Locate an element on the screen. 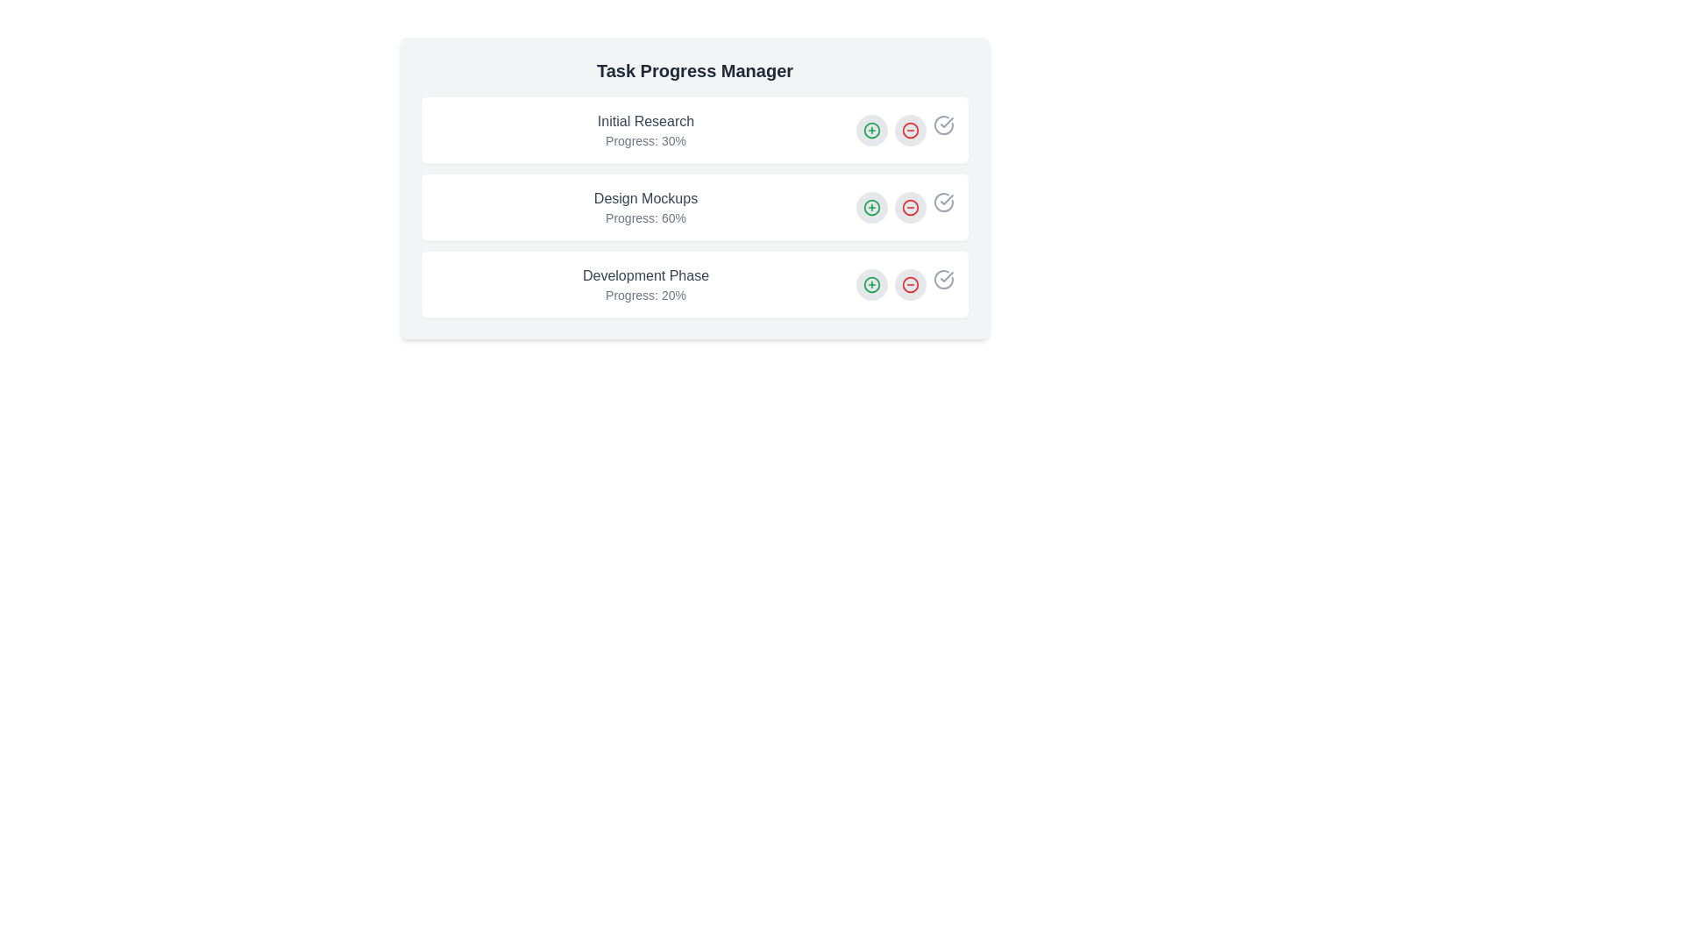 The height and width of the screenshot is (947, 1683). text content displayed in the text label showing 'Development Phase' and its progress '20%' is located at coordinates (645, 283).